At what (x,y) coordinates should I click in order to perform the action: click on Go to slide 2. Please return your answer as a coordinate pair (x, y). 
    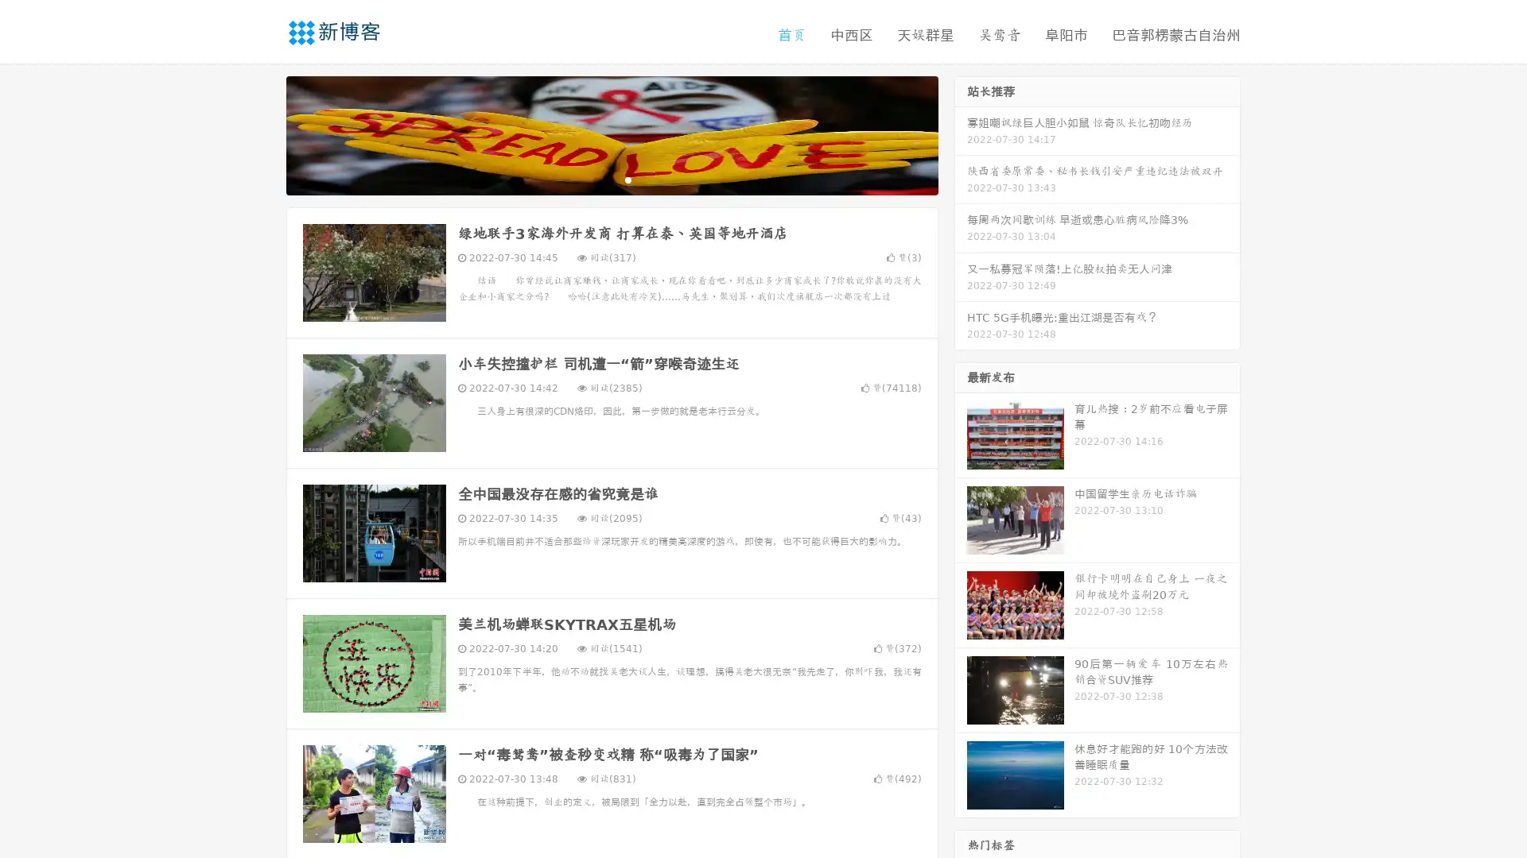
    Looking at the image, I should click on (611, 179).